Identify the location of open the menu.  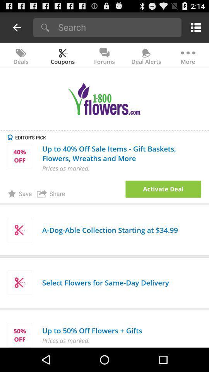
(194, 27).